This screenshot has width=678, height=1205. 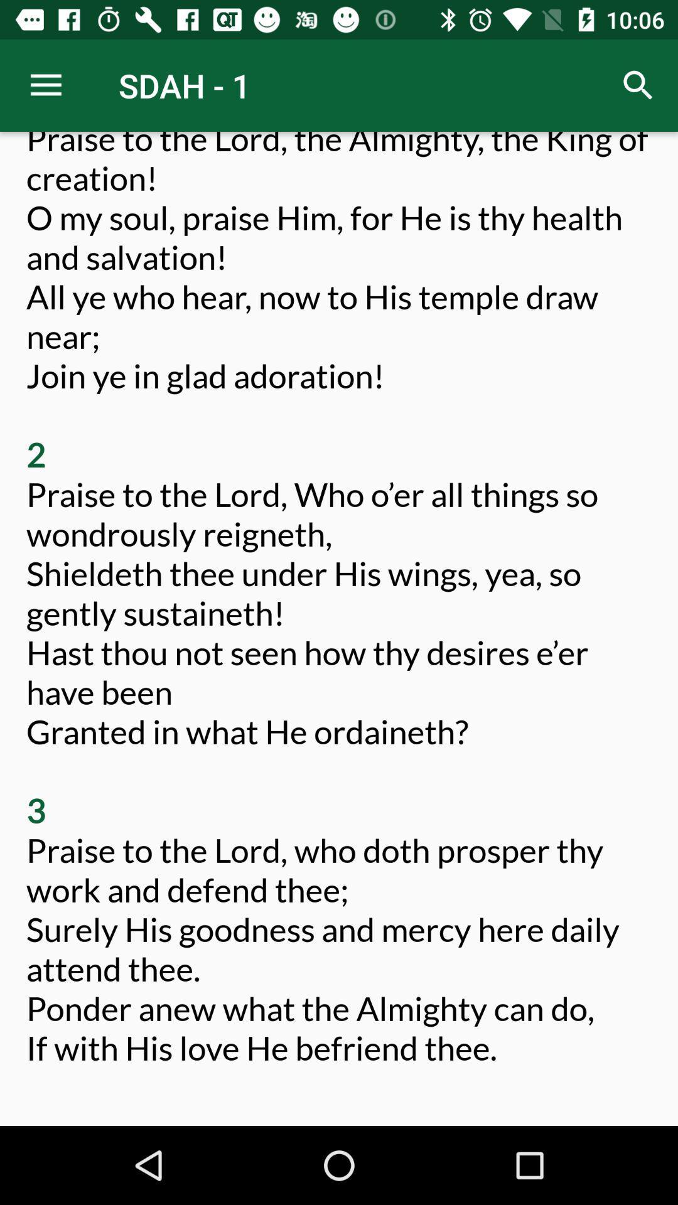 What do you see at coordinates (339, 619) in the screenshot?
I see `the 001 praise to` at bounding box center [339, 619].